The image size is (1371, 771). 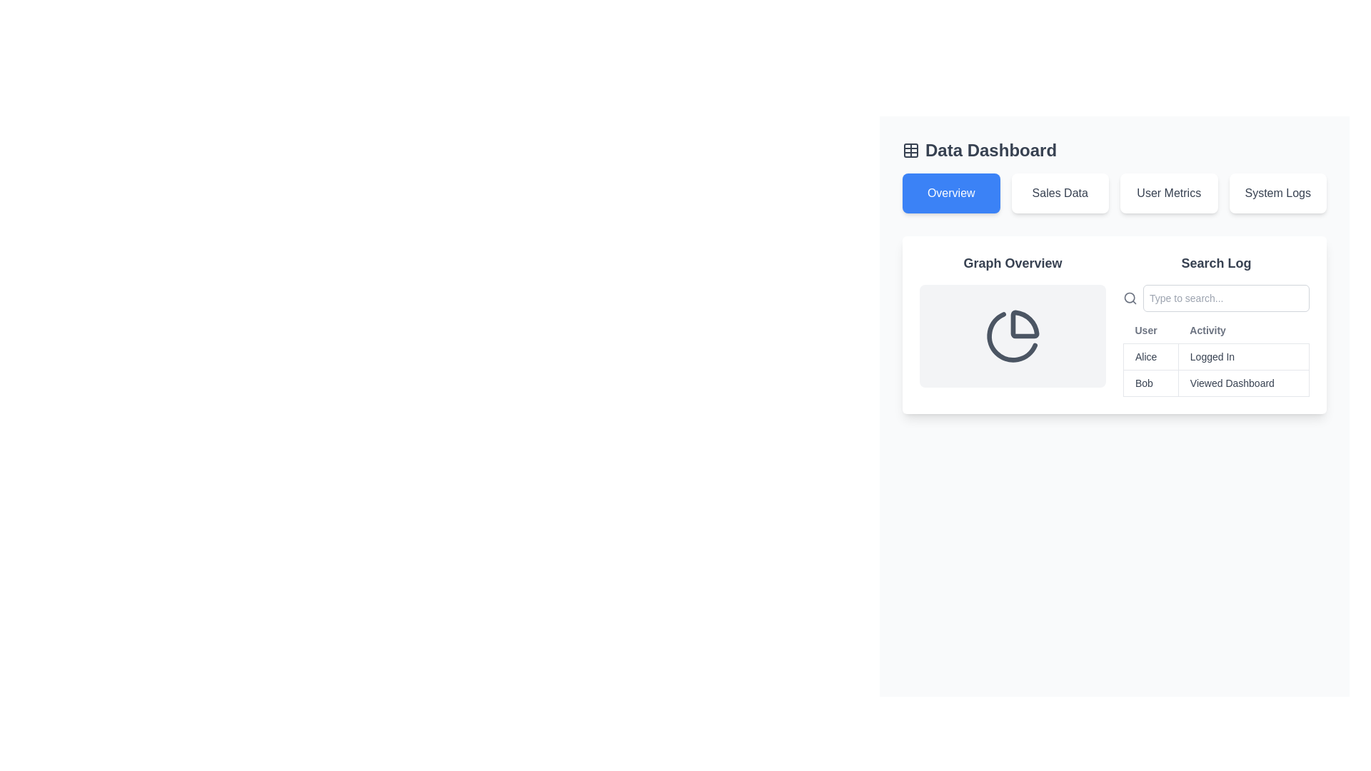 What do you see at coordinates (1215, 369) in the screenshot?
I see `the TableDataCell in the Search Log section, which displays user activities including 'Alice' and 'Bob'` at bounding box center [1215, 369].